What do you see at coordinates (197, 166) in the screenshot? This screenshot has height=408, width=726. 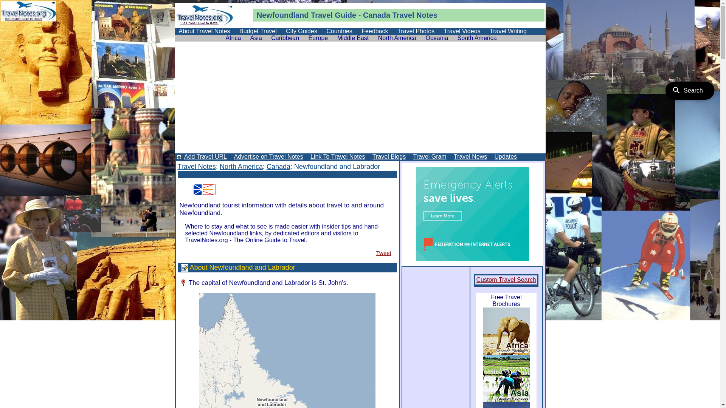 I see `'Travel Notes'` at bounding box center [197, 166].